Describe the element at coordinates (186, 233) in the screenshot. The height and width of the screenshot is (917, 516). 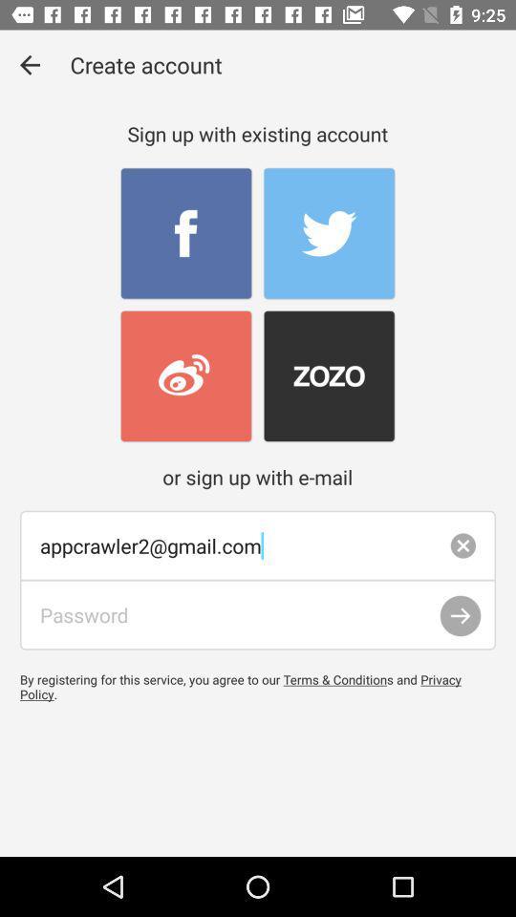
I see `sign in with facebook` at that location.